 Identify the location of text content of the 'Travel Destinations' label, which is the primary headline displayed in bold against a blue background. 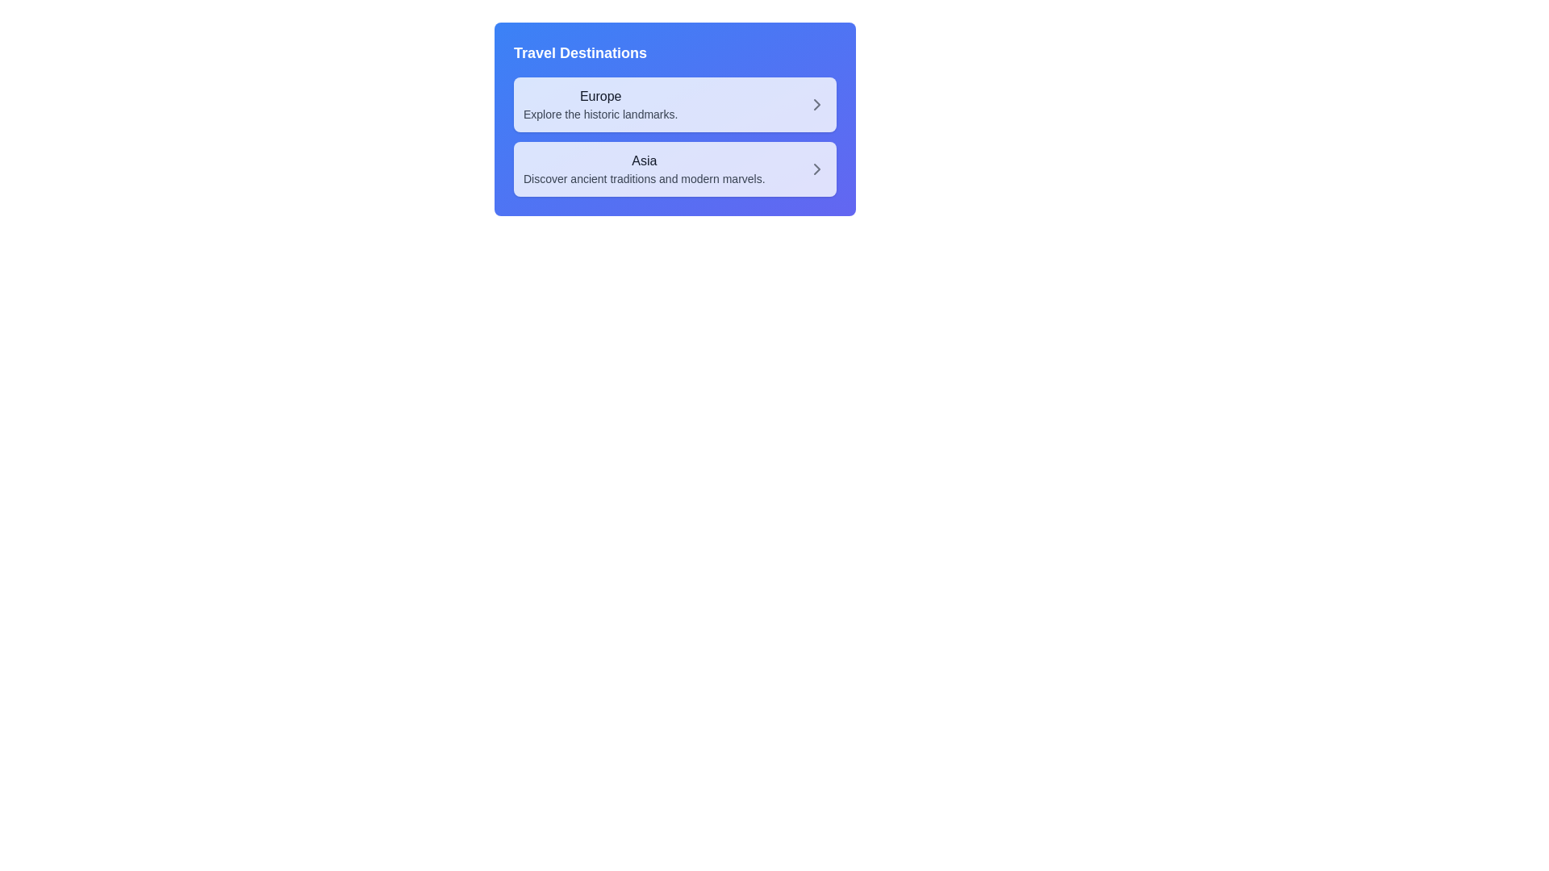
(580, 52).